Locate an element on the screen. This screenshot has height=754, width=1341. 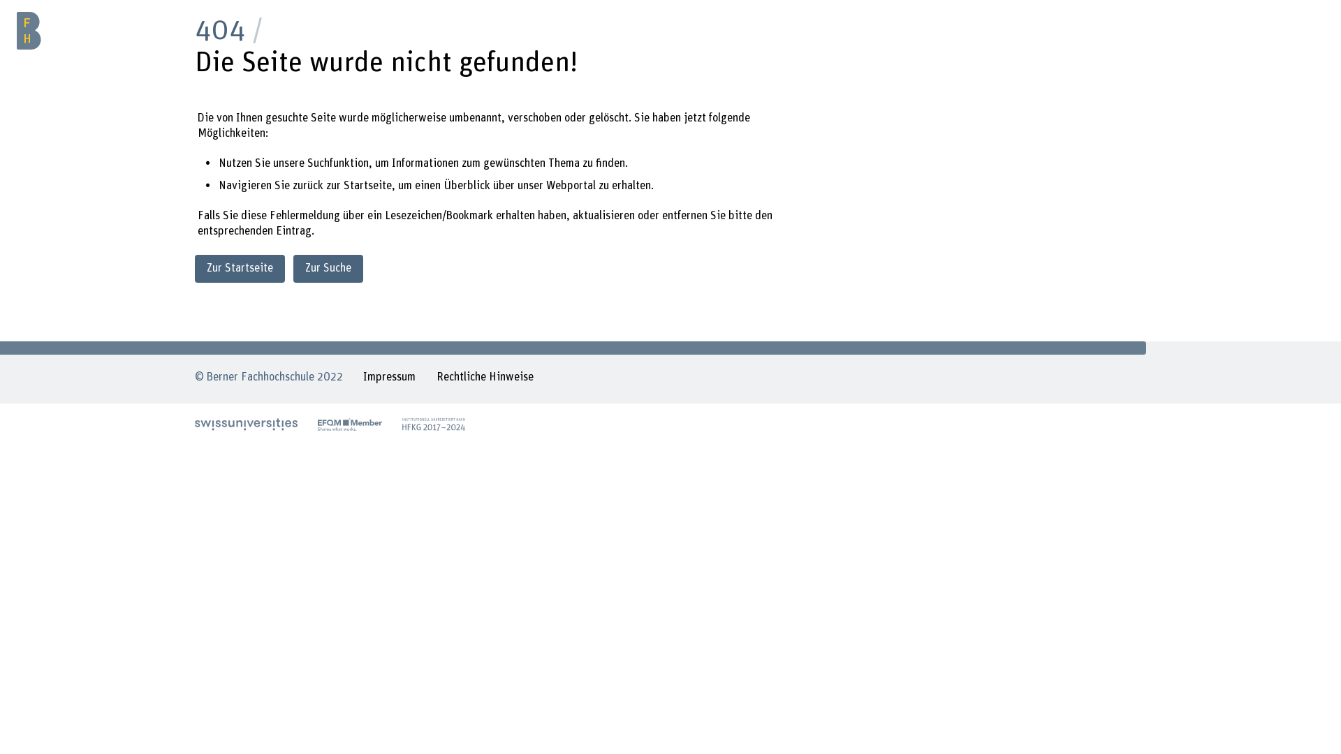
'Suchfunktion' is located at coordinates (338, 163).